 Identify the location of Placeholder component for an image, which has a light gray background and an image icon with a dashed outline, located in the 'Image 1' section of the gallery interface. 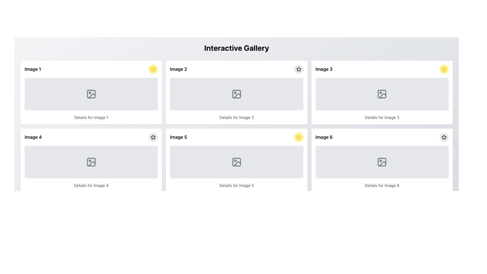
(91, 94).